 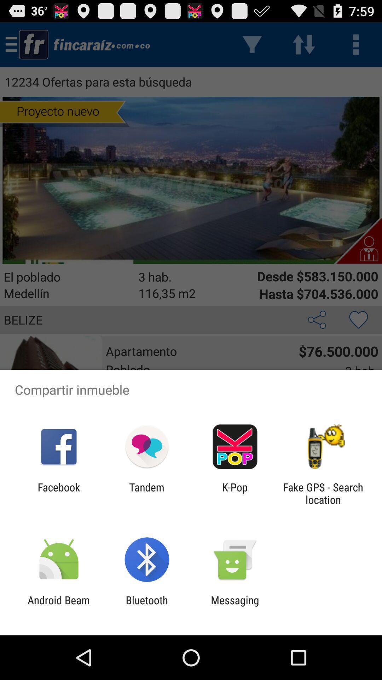 What do you see at coordinates (146, 606) in the screenshot?
I see `icon next to android beam item` at bounding box center [146, 606].